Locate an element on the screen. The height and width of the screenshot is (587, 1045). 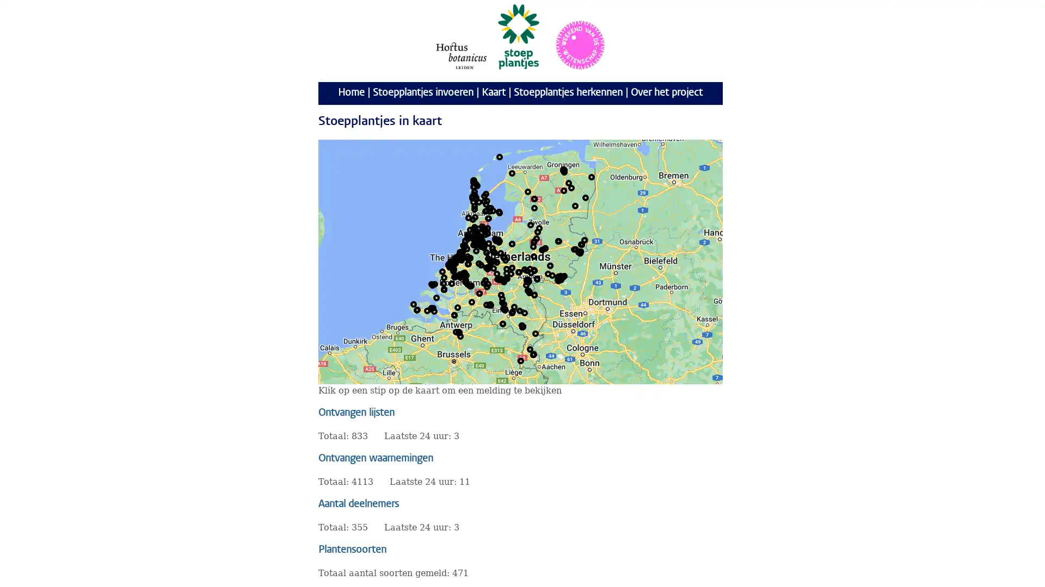
Telling van Anja Wijffels op 05 mei 2022 is located at coordinates (460, 335).